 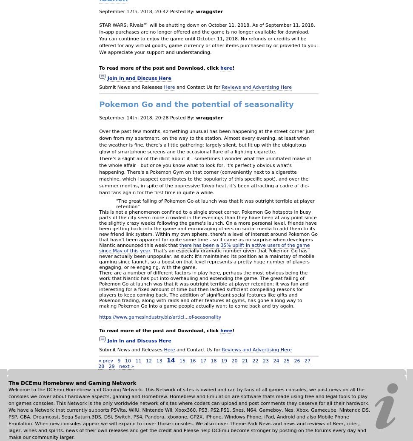 What do you see at coordinates (214, 204) in the screenshot?
I see `'"The great failing of Pokemon Go at launch was that it was outright terrible at player retention"'` at bounding box center [214, 204].